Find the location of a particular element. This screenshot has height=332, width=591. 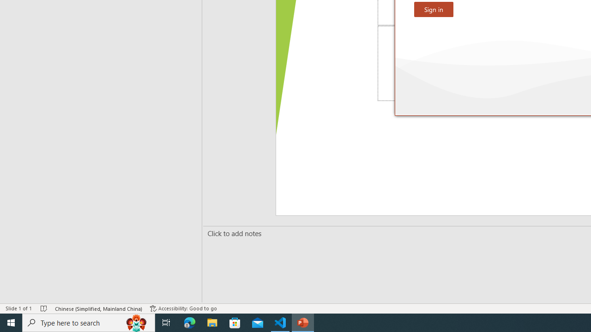

'Microsoft Edge' is located at coordinates (189, 322).